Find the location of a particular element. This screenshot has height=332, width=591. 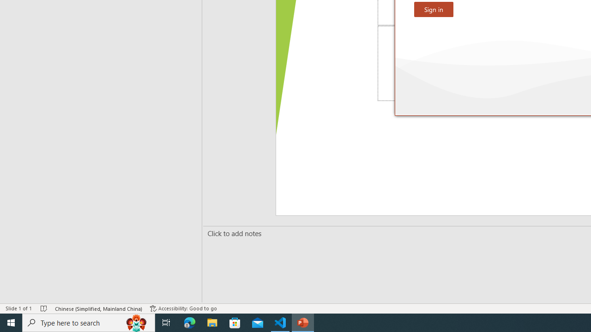

'Microsoft Edge' is located at coordinates (189, 322).